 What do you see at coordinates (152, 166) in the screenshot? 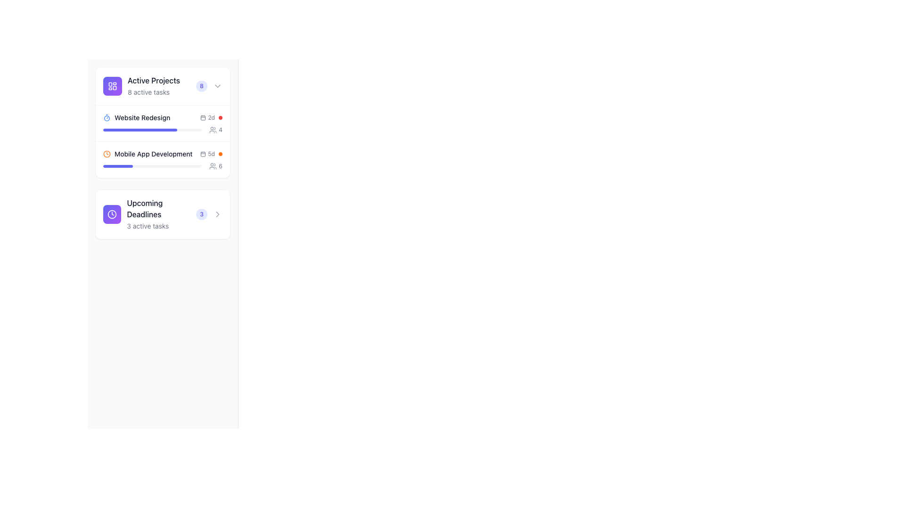
I see `the progress value of the progress bar located in the middle section of the 'Mobile App Development' task card, which indicates 30% completion` at bounding box center [152, 166].